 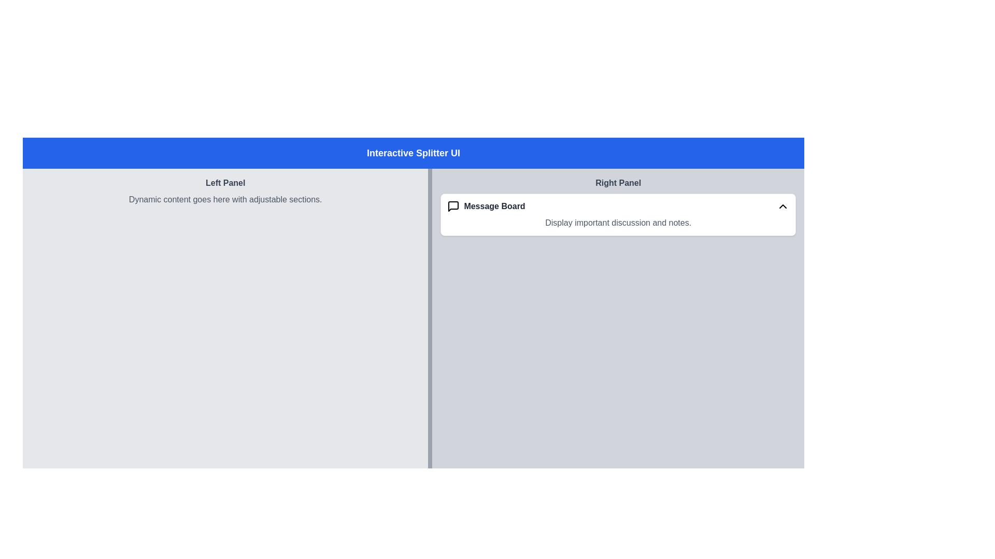 What do you see at coordinates (494, 206) in the screenshot?
I see `the interactive Text Label indicating the 'Message Board' section, which is positioned in the right panel above the descriptive text and adjacent to an icon` at bounding box center [494, 206].